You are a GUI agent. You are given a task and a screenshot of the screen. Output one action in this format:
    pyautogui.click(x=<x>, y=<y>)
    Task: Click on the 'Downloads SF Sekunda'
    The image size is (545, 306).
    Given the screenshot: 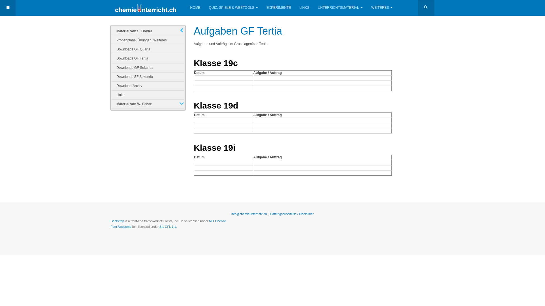 What is the action you would take?
    pyautogui.click(x=148, y=77)
    